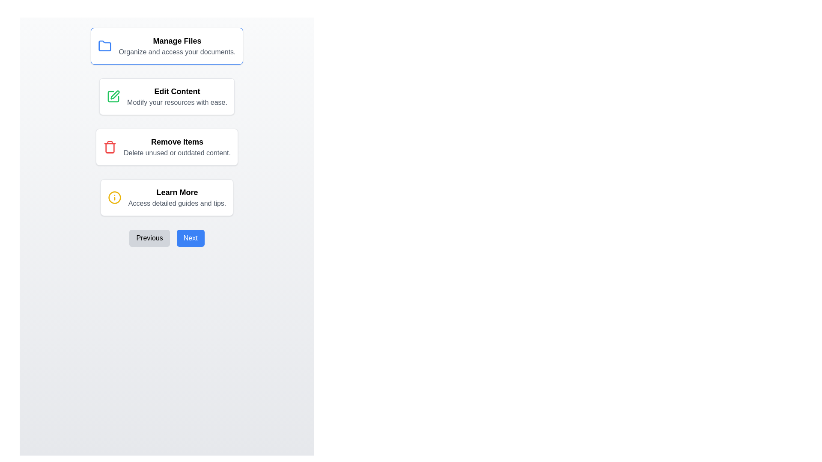  Describe the element at coordinates (176, 96) in the screenshot. I see `the text section that includes a bold headline 'Edit Content' and a description 'Modify your resources with ease.' This section is located in a white rounded rectangle card with a green icon on the left, positioned second from the top in a vertical list` at that location.